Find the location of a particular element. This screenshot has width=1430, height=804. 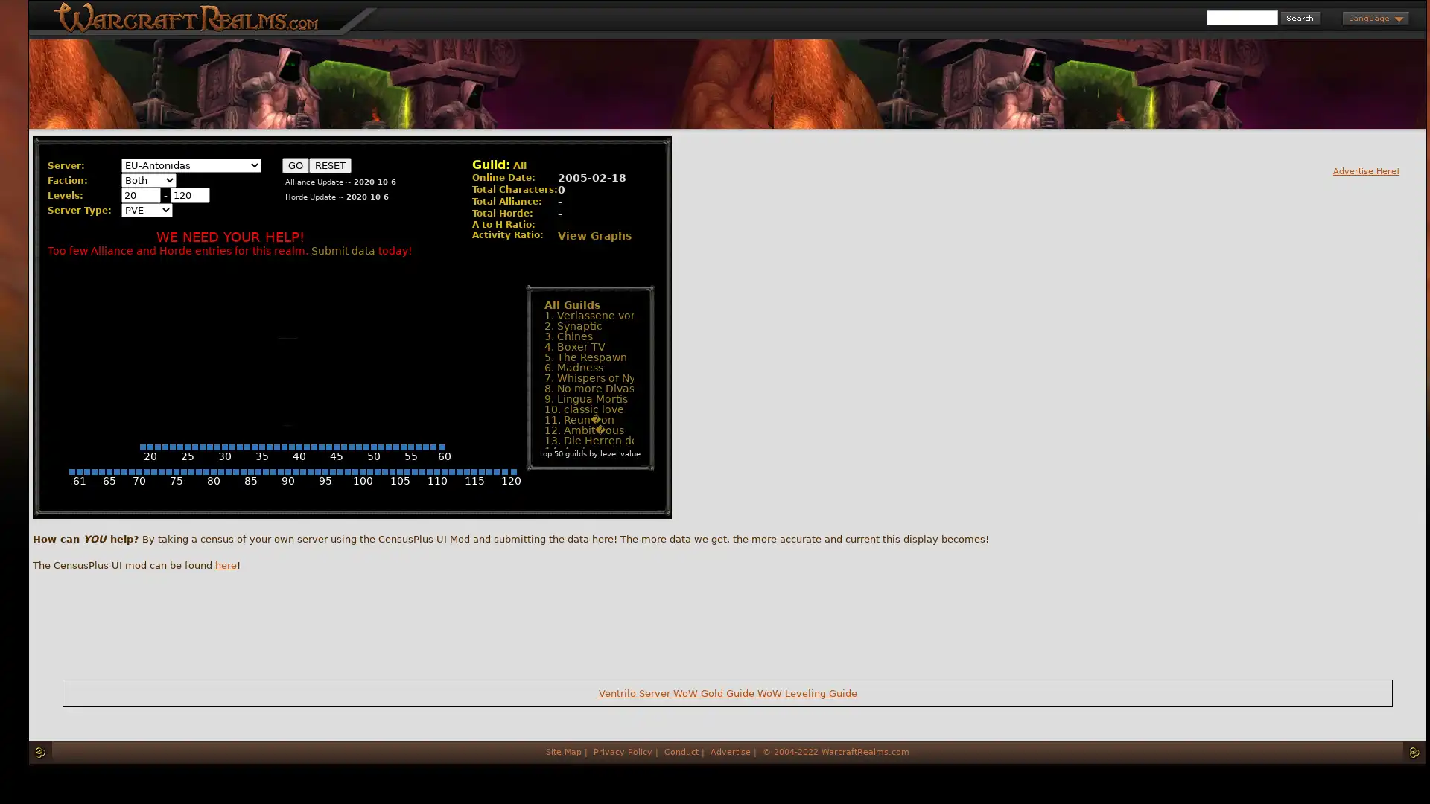

RESET is located at coordinates (328, 165).